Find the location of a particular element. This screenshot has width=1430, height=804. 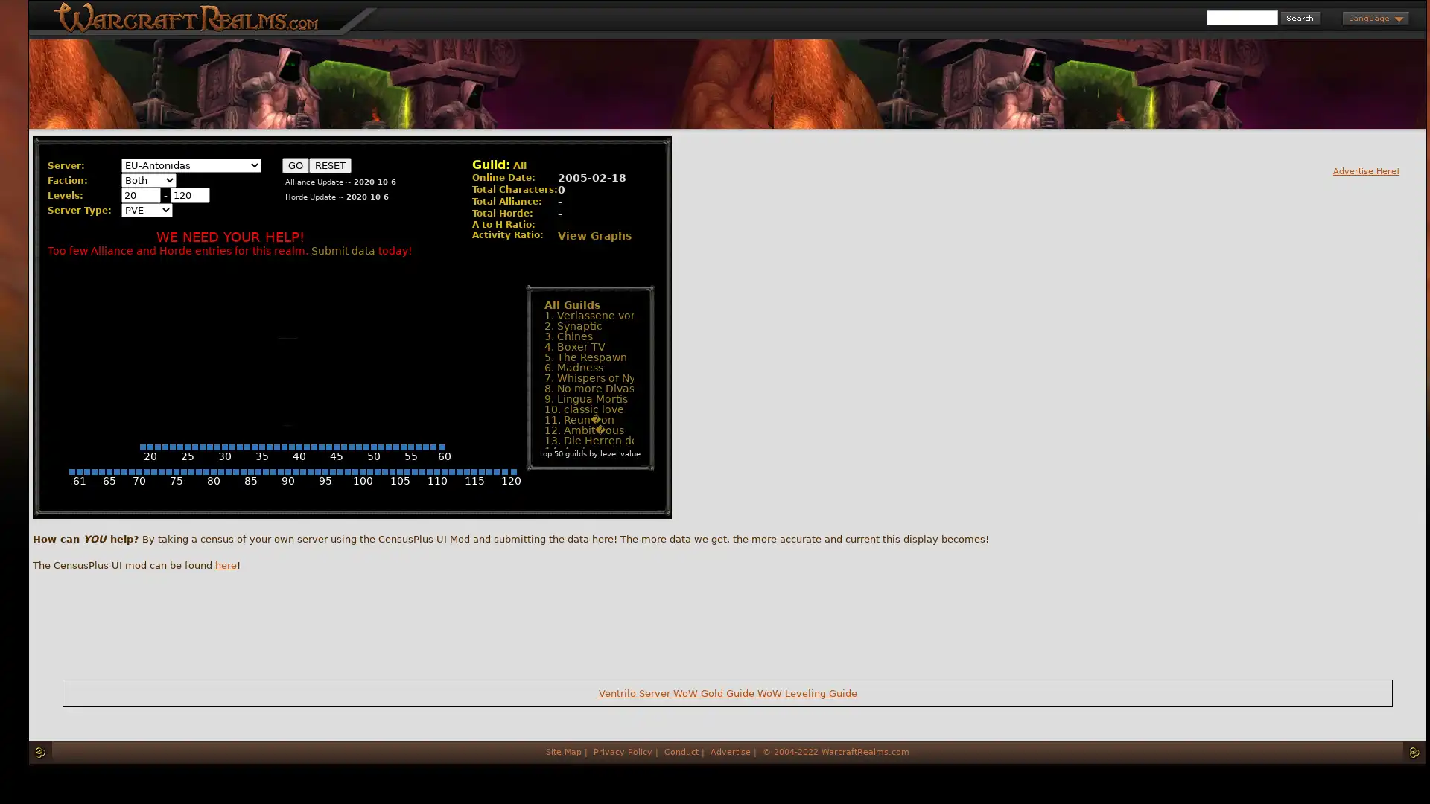

RESET is located at coordinates (328, 165).